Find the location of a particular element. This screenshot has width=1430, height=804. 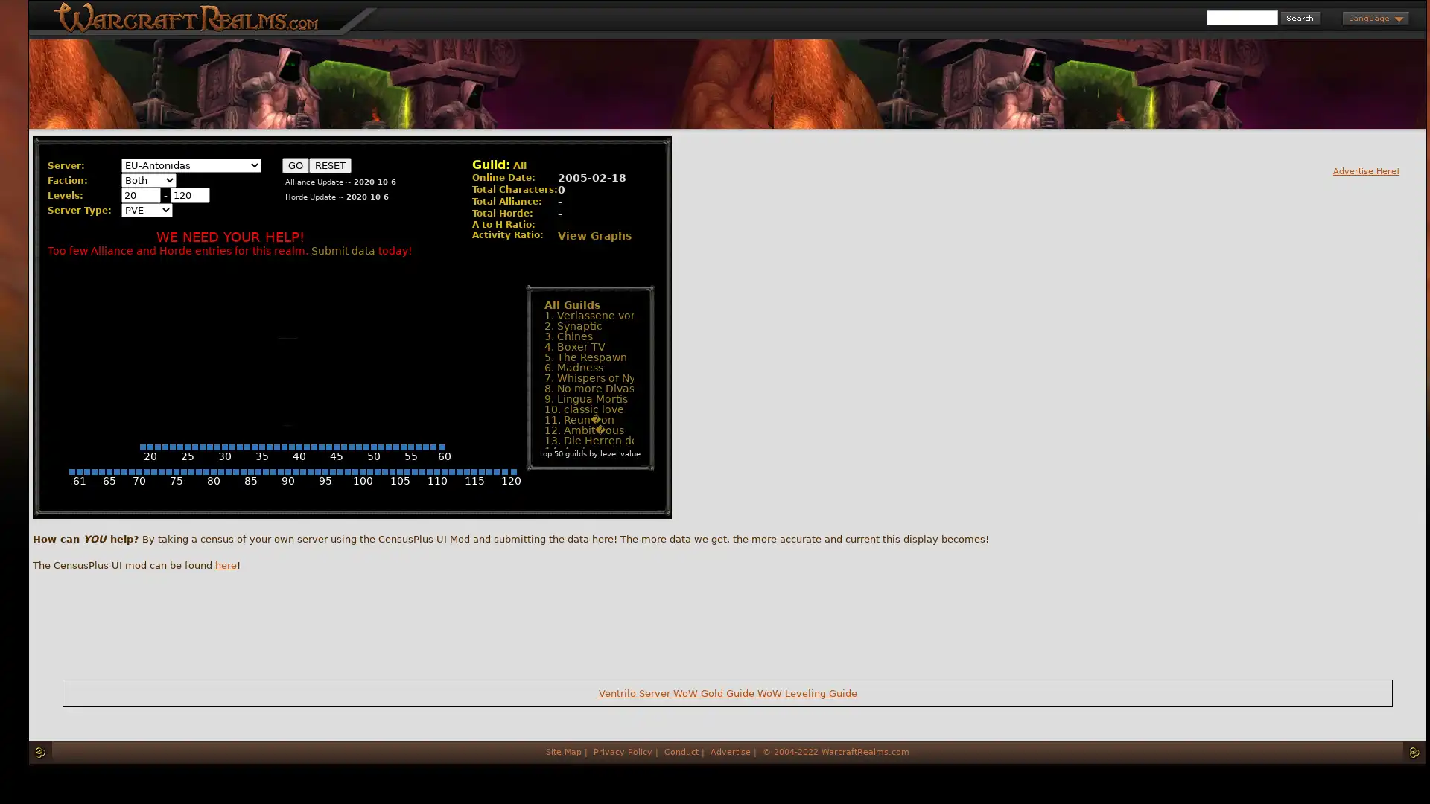

RESET is located at coordinates (328, 165).